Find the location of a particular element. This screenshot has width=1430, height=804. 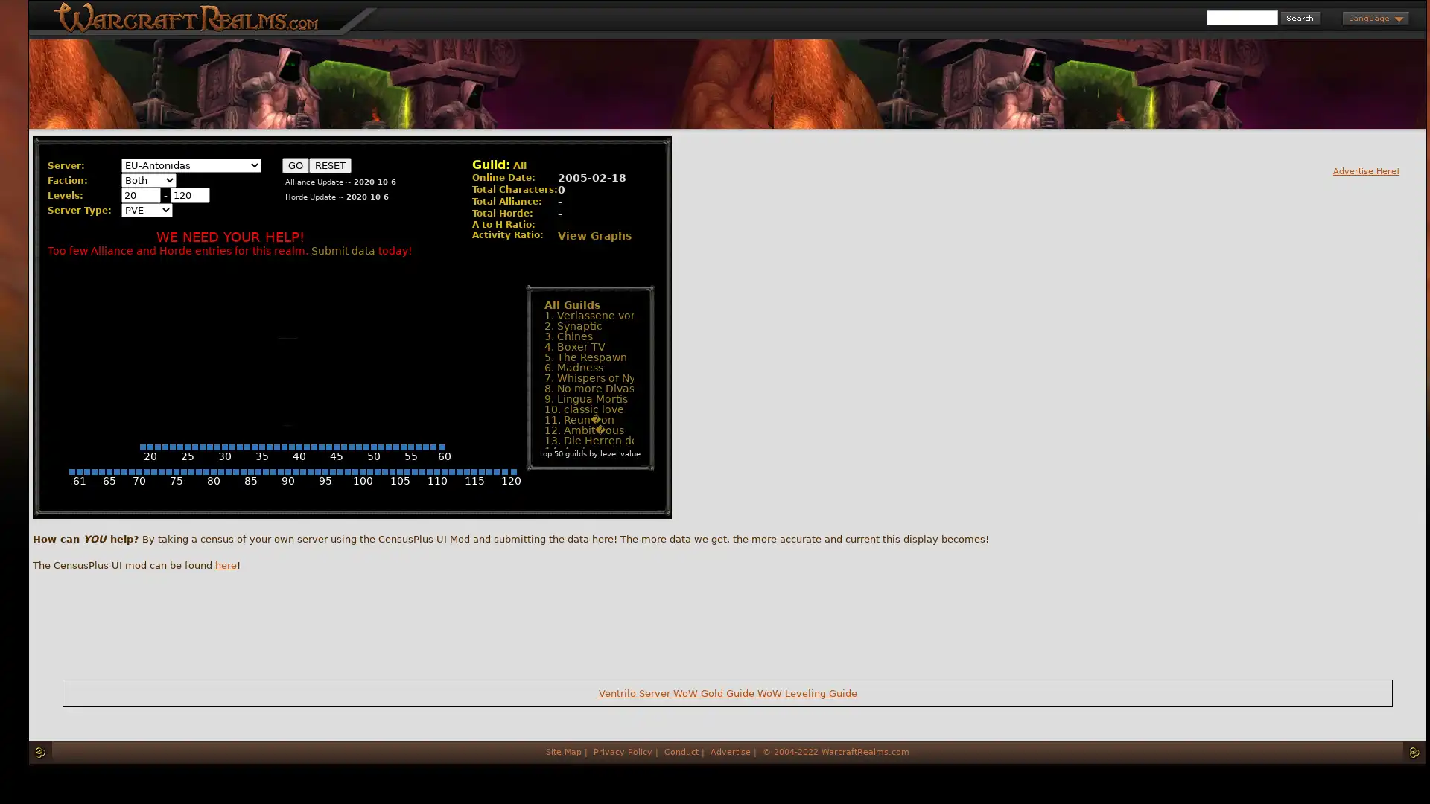

RESET is located at coordinates (328, 165).